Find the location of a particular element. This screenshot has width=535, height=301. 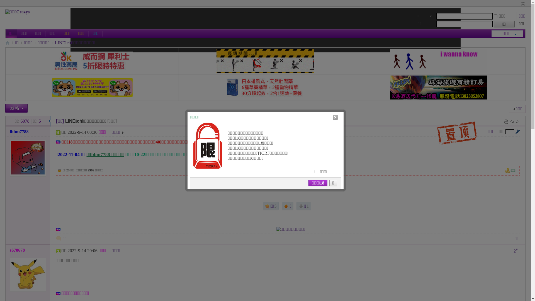

's678678' is located at coordinates (17, 250).